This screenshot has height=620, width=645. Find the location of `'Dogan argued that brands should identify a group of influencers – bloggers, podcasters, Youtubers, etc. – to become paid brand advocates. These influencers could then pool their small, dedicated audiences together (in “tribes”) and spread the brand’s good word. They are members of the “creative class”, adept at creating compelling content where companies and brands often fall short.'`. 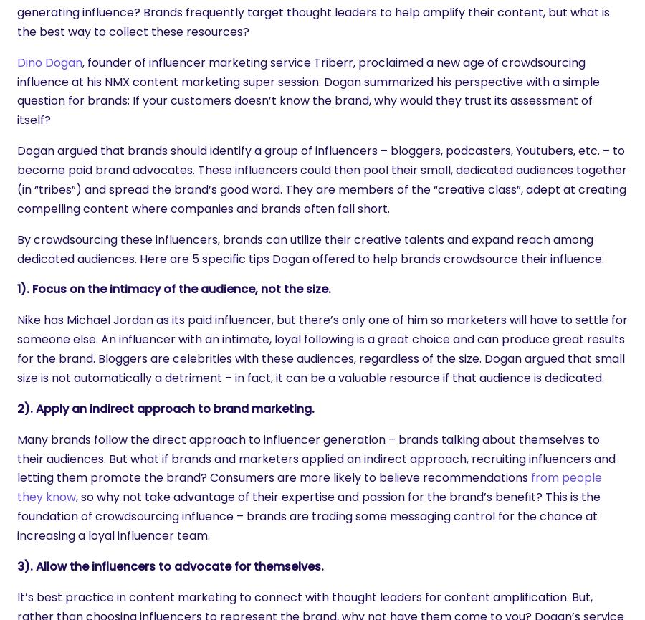

'Dogan argued that brands should identify a group of influencers – bloggers, podcasters, Youtubers, etc. – to become paid brand advocates. These influencers could then pool their small, dedicated audiences together (in “tribes”) and spread the brand’s good word. They are members of the “creative class”, adept at creating compelling content where companies and brands often fall short.' is located at coordinates (322, 178).